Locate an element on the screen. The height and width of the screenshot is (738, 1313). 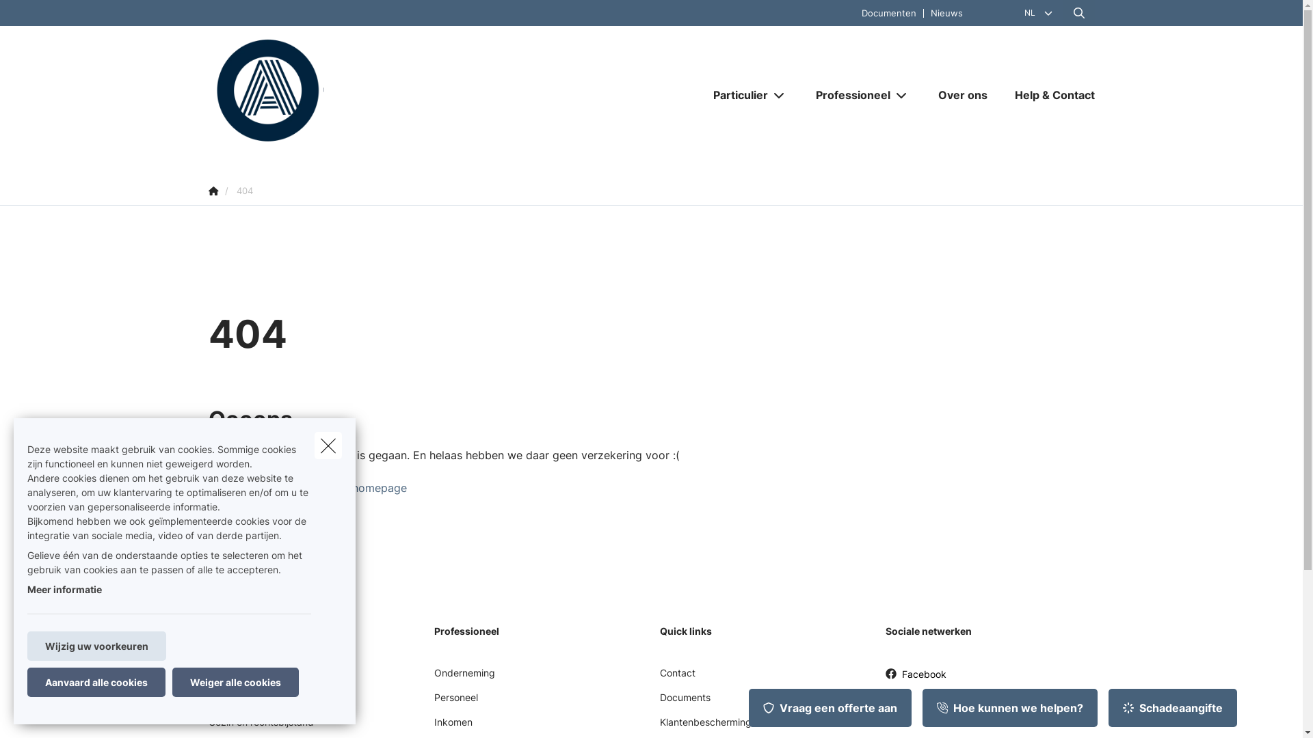
'Help & Contact' is located at coordinates (1047, 94).